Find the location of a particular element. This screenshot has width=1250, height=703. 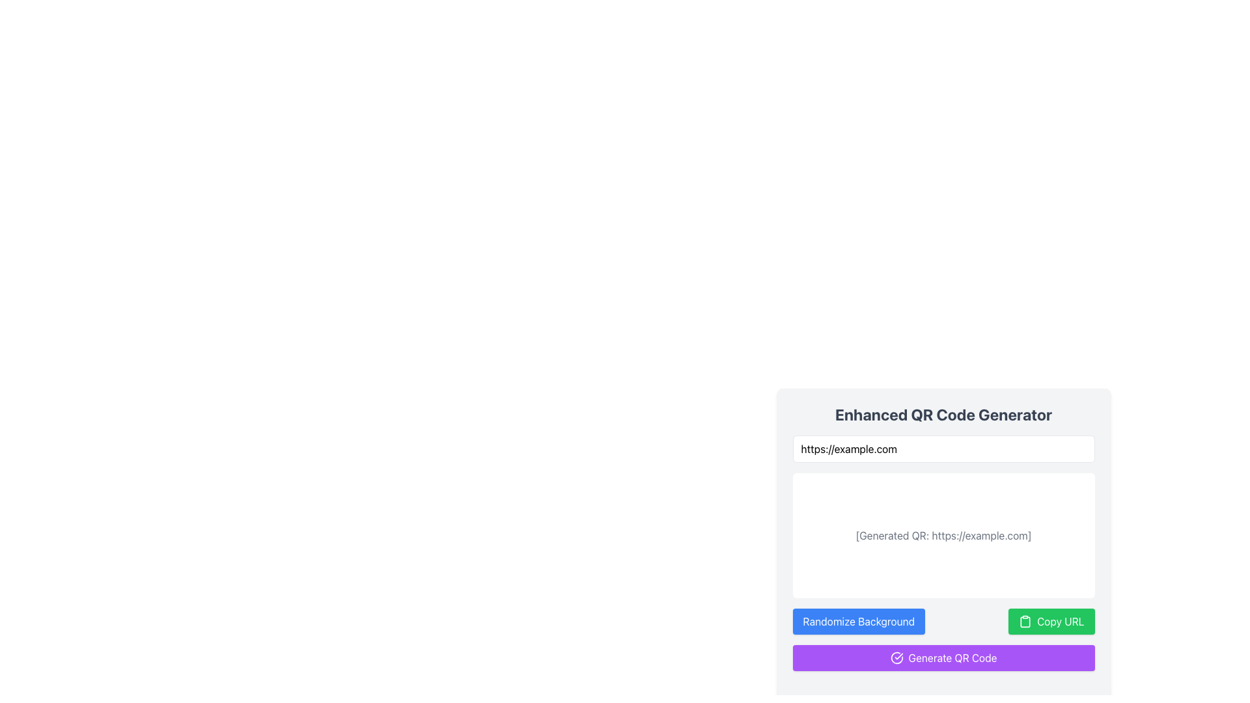

the 'Copy URL' icon which is located to the left of the text label in the 'Copy URL' button is located at coordinates (1025, 621).